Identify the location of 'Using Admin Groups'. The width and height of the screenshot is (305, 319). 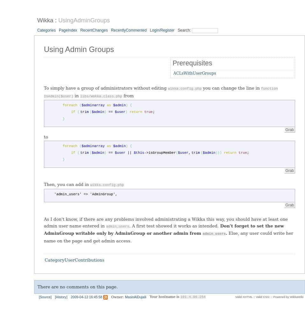
(44, 49).